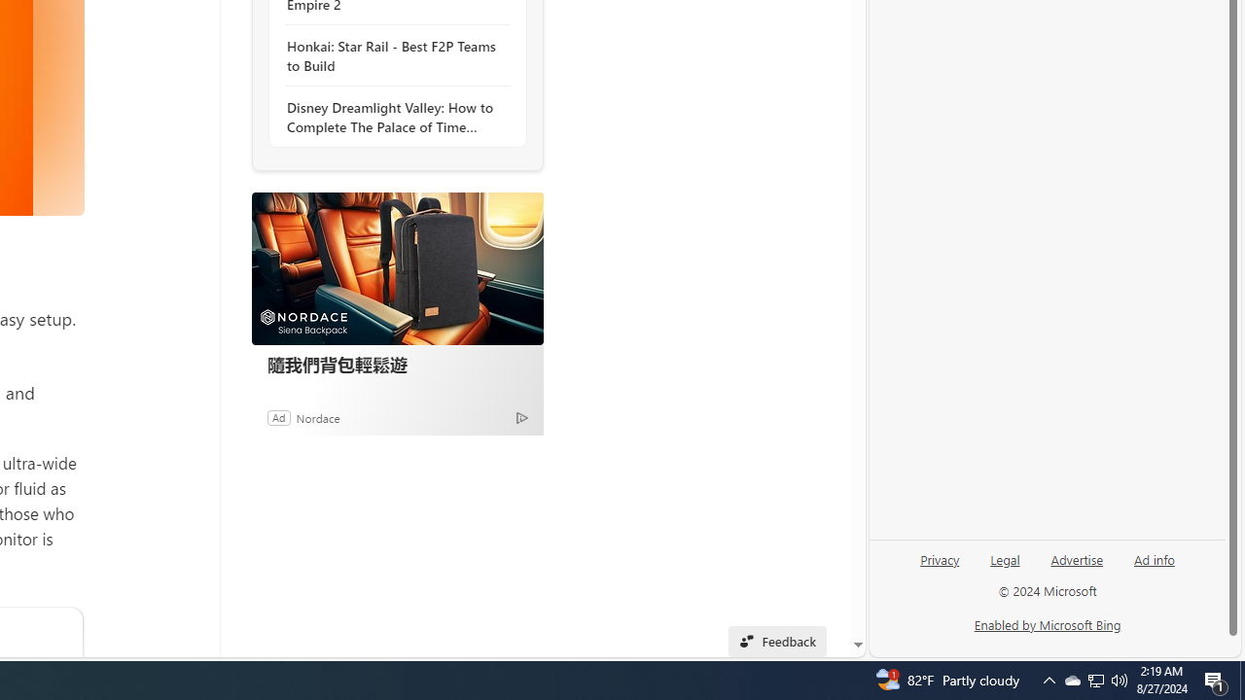 Image resolution: width=1245 pixels, height=700 pixels. What do you see at coordinates (941, 567) in the screenshot?
I see `'Privacy'` at bounding box center [941, 567].